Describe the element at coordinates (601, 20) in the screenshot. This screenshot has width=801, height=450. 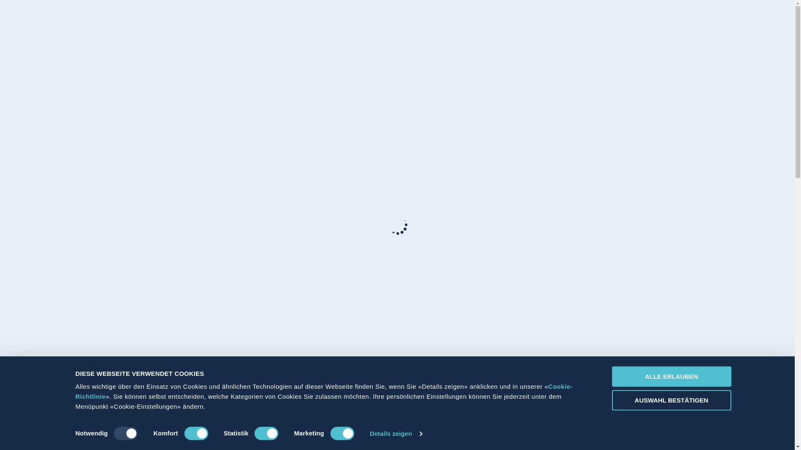
I see `'IT'` at that location.